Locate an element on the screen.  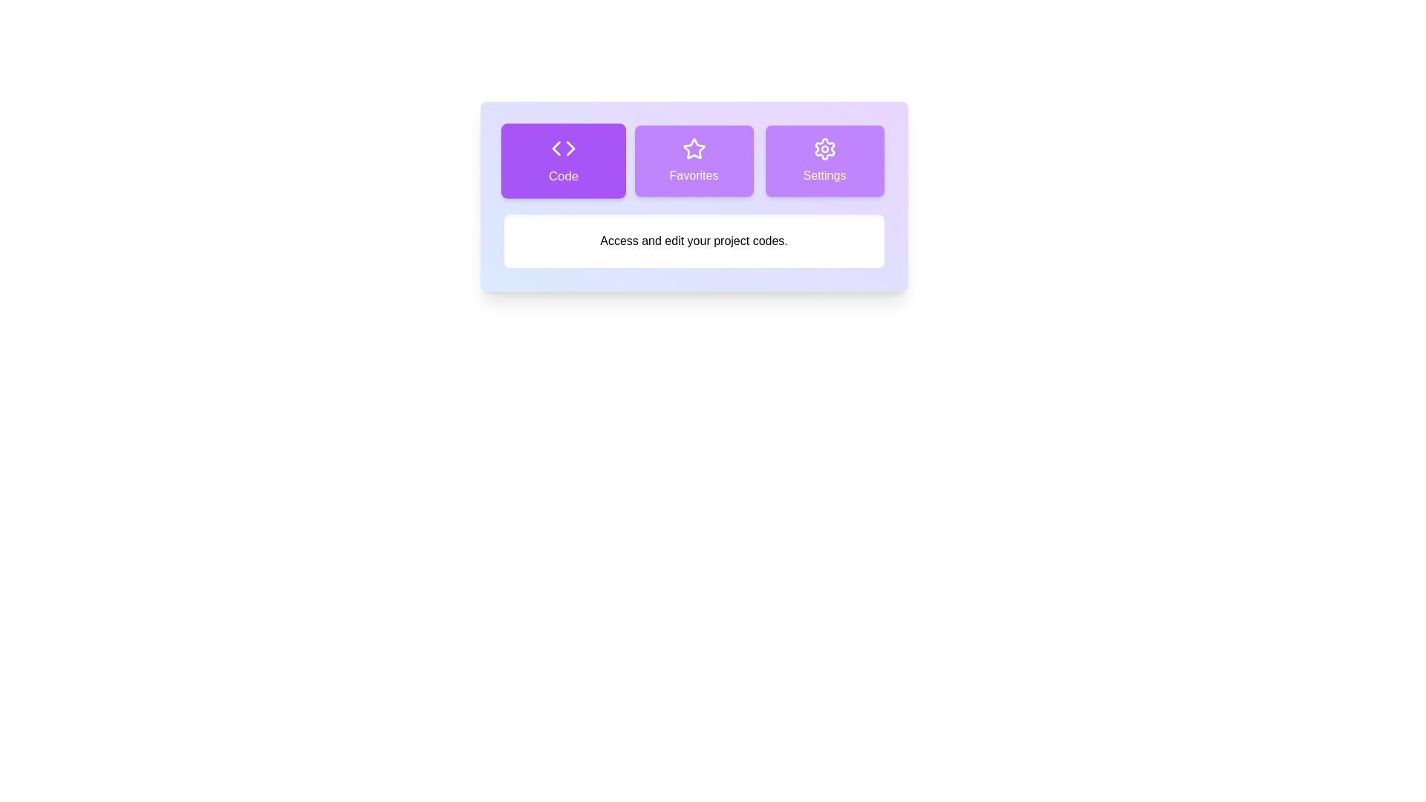
the text label that reads 'Code', which is styled in white sans-serif font against a purple background is located at coordinates (562, 176).